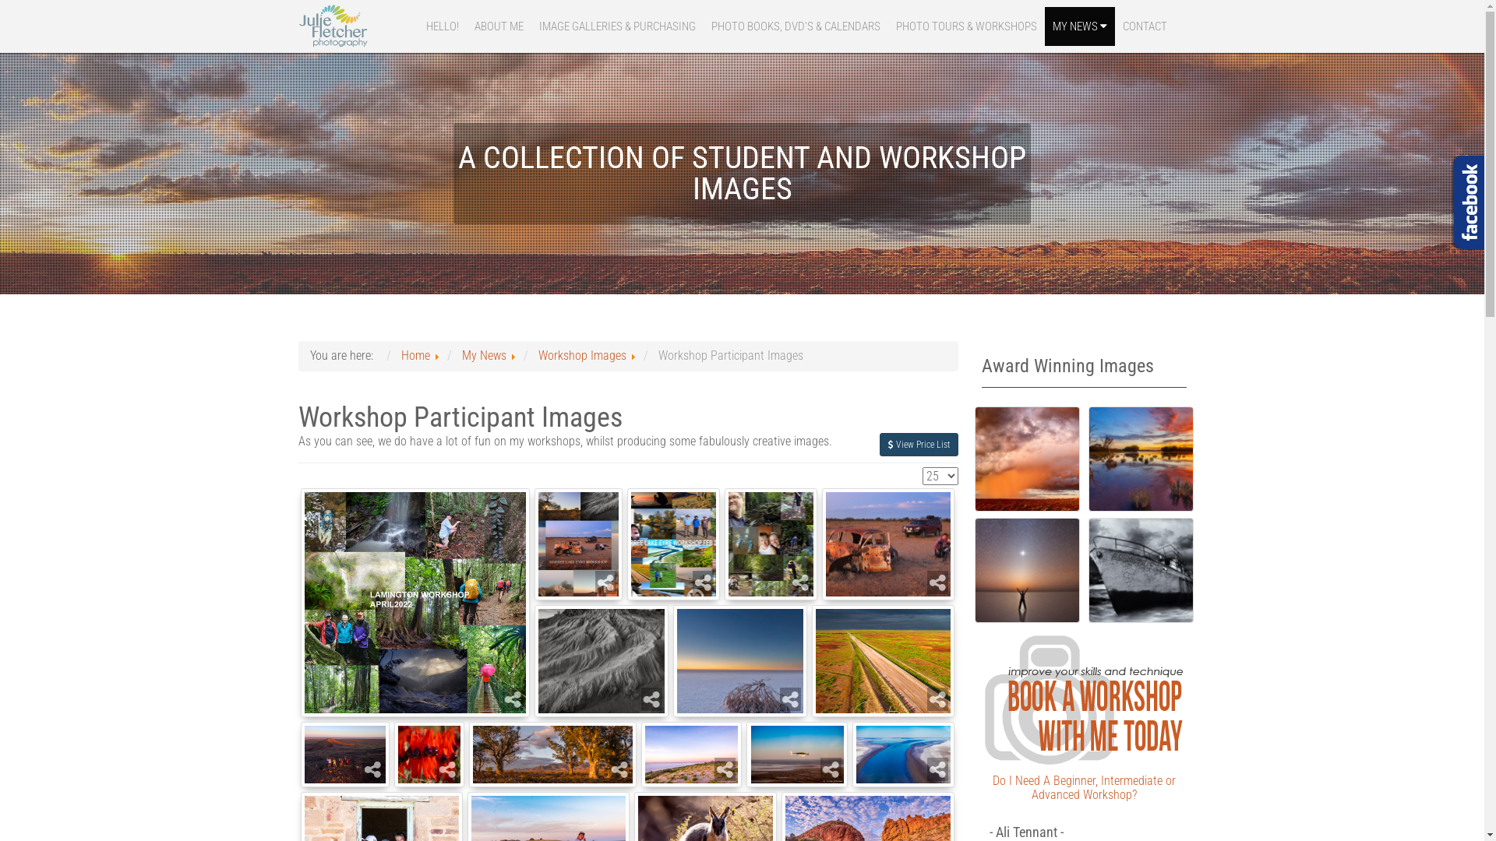 The height and width of the screenshot is (841, 1496). I want to click on 'Flinders Ranges South Australia Photo Tour May 2018', so click(552, 753).